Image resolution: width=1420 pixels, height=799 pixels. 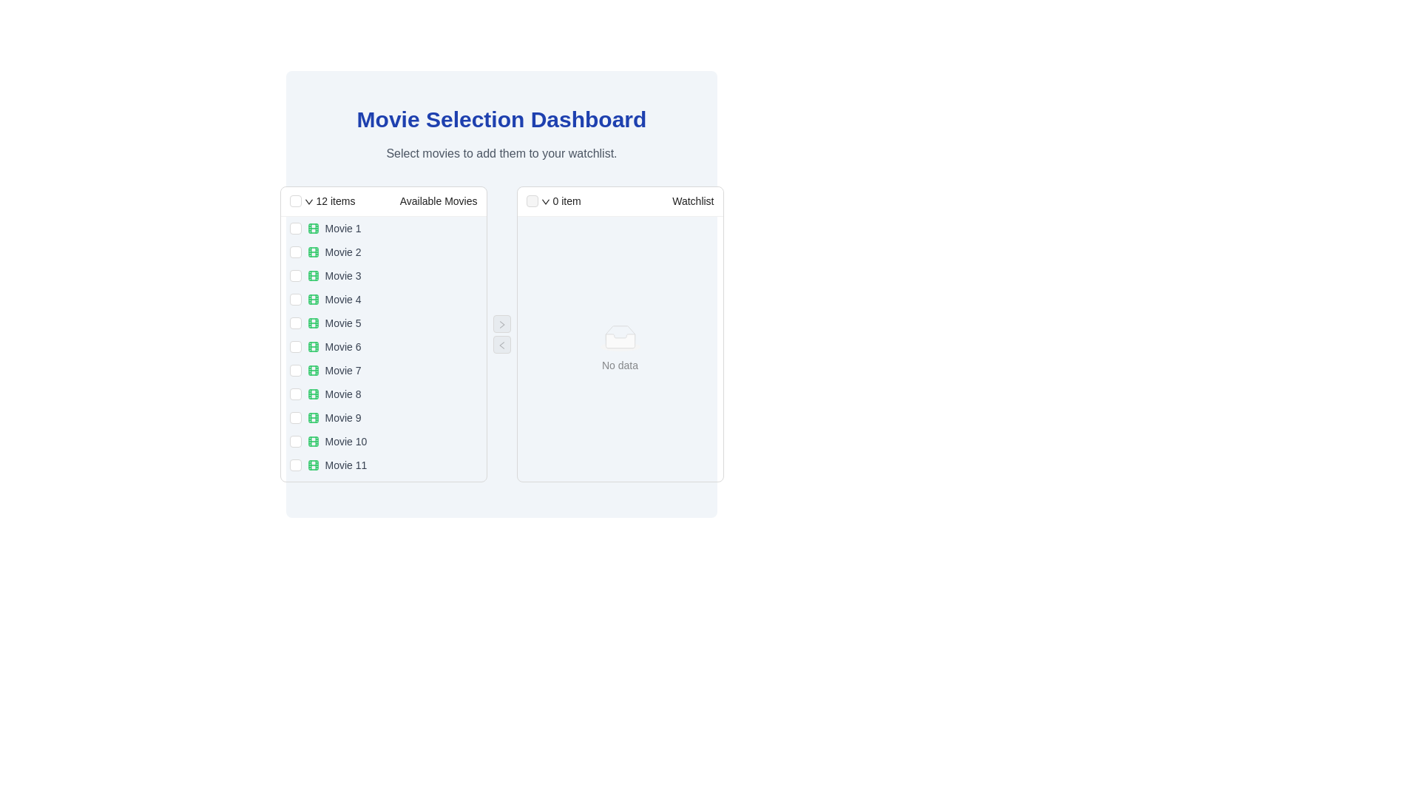 I want to click on the 'Movie 7' text label in the center-left panel under 'Available Movies', so click(x=342, y=370).